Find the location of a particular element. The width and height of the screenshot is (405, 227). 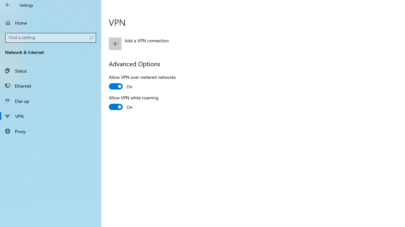

'Proxy' is located at coordinates (51, 131).